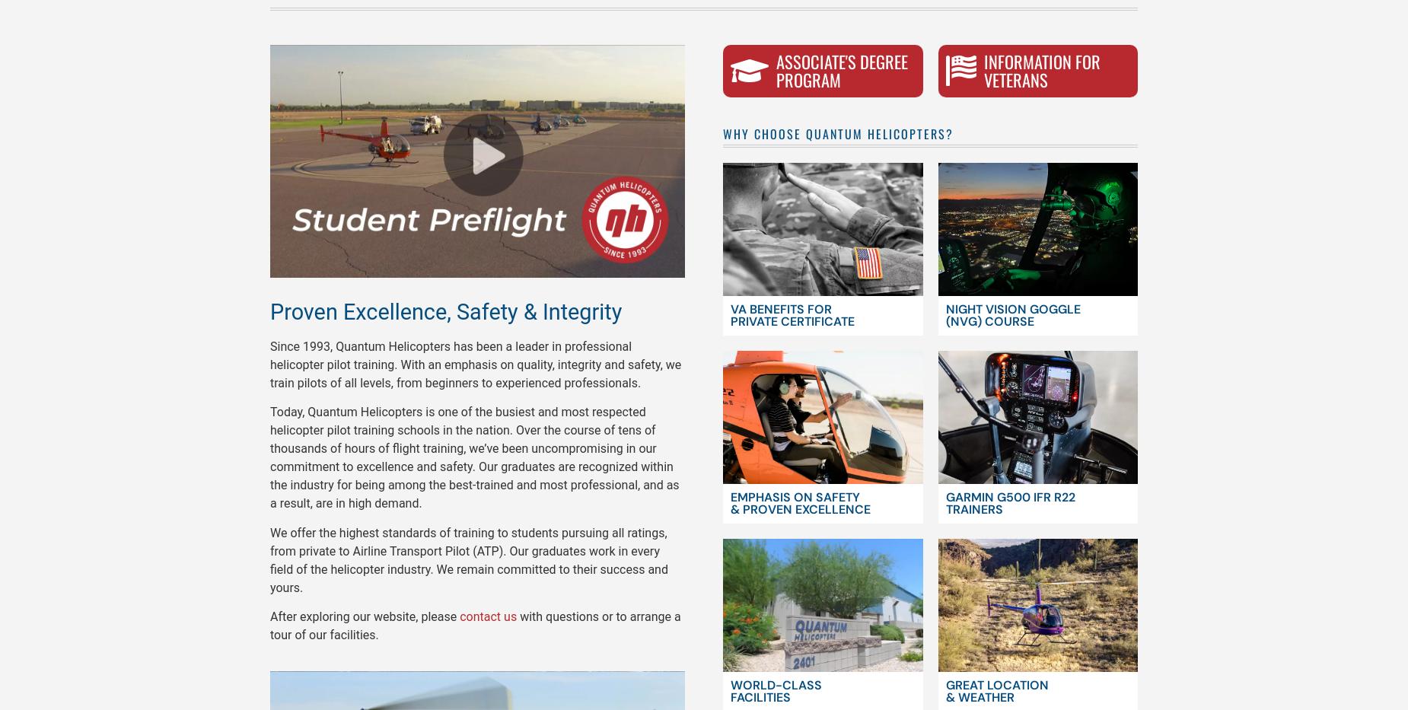 The image size is (1408, 710). What do you see at coordinates (837, 133) in the screenshot?
I see `'Why Choose Quantum Helicopters?'` at bounding box center [837, 133].